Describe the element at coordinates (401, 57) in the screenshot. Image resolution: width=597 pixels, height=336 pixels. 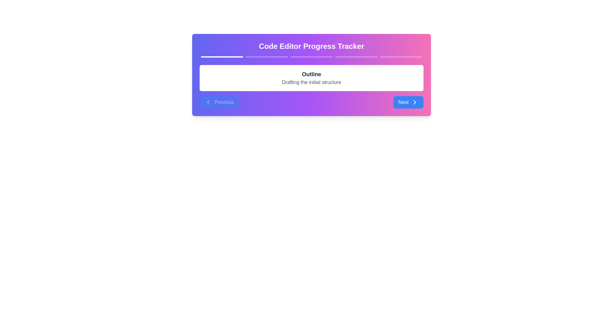
I see `the fifth step indicator of the progress tracker section, which visually represents the current progress in the sequence` at that location.